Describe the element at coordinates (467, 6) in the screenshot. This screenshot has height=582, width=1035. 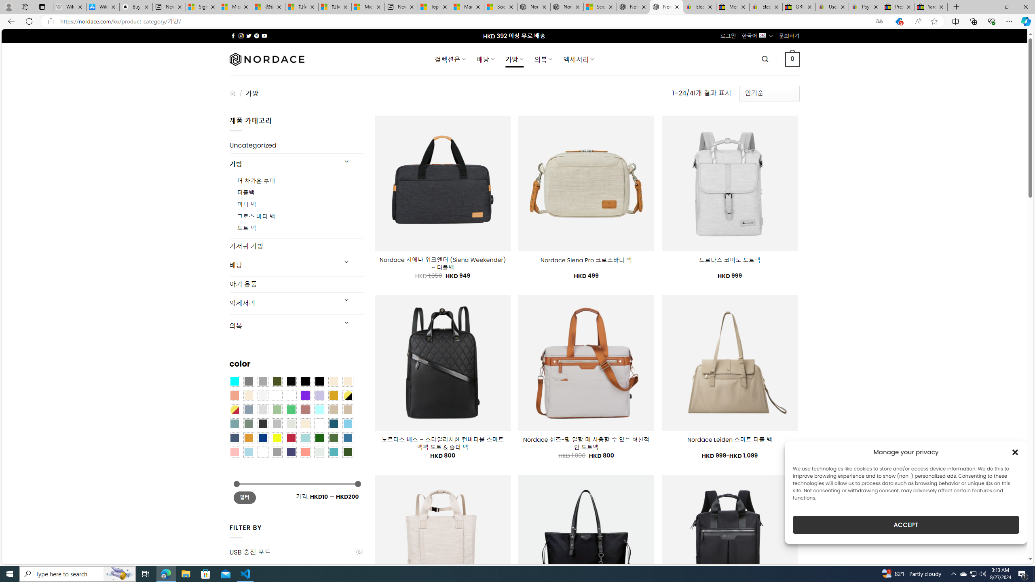
I see `'Marine life - MSN'` at that location.